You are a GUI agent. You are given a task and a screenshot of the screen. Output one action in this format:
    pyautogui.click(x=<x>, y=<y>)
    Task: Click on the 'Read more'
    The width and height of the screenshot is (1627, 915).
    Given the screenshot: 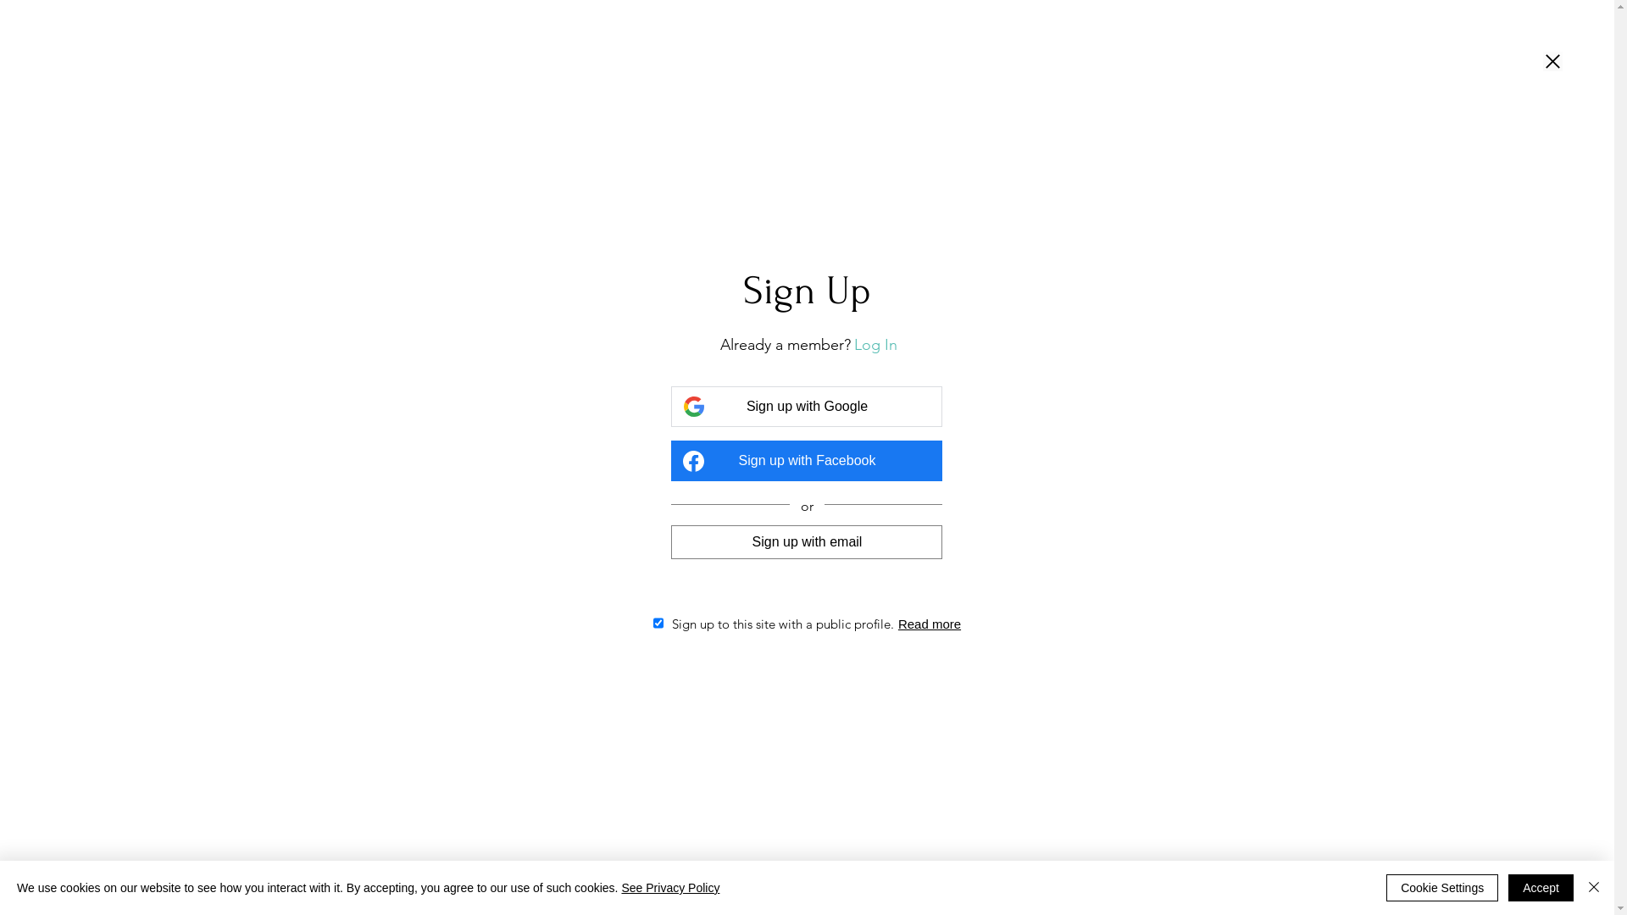 What is the action you would take?
    pyautogui.click(x=929, y=624)
    